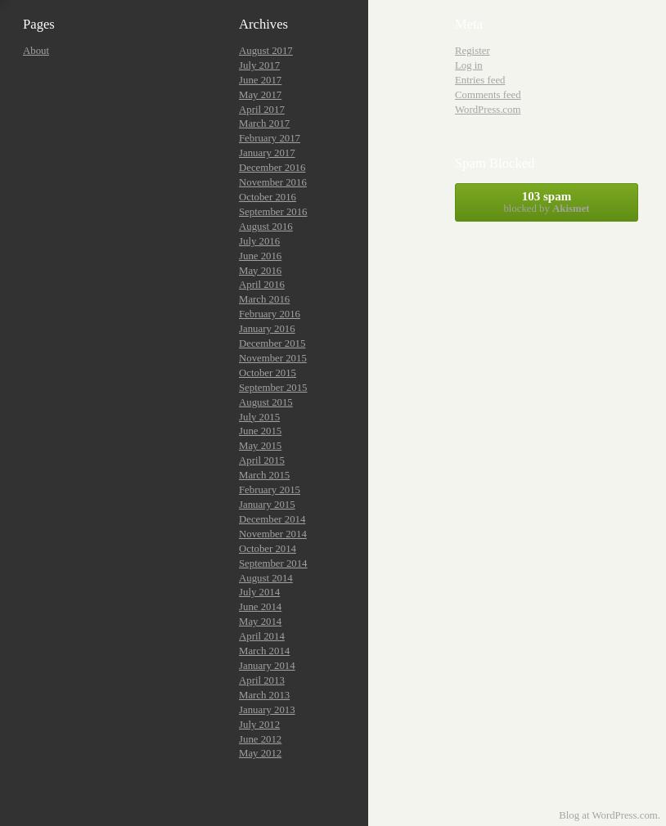 The height and width of the screenshot is (826, 666). What do you see at coordinates (267, 372) in the screenshot?
I see `'October 2015'` at bounding box center [267, 372].